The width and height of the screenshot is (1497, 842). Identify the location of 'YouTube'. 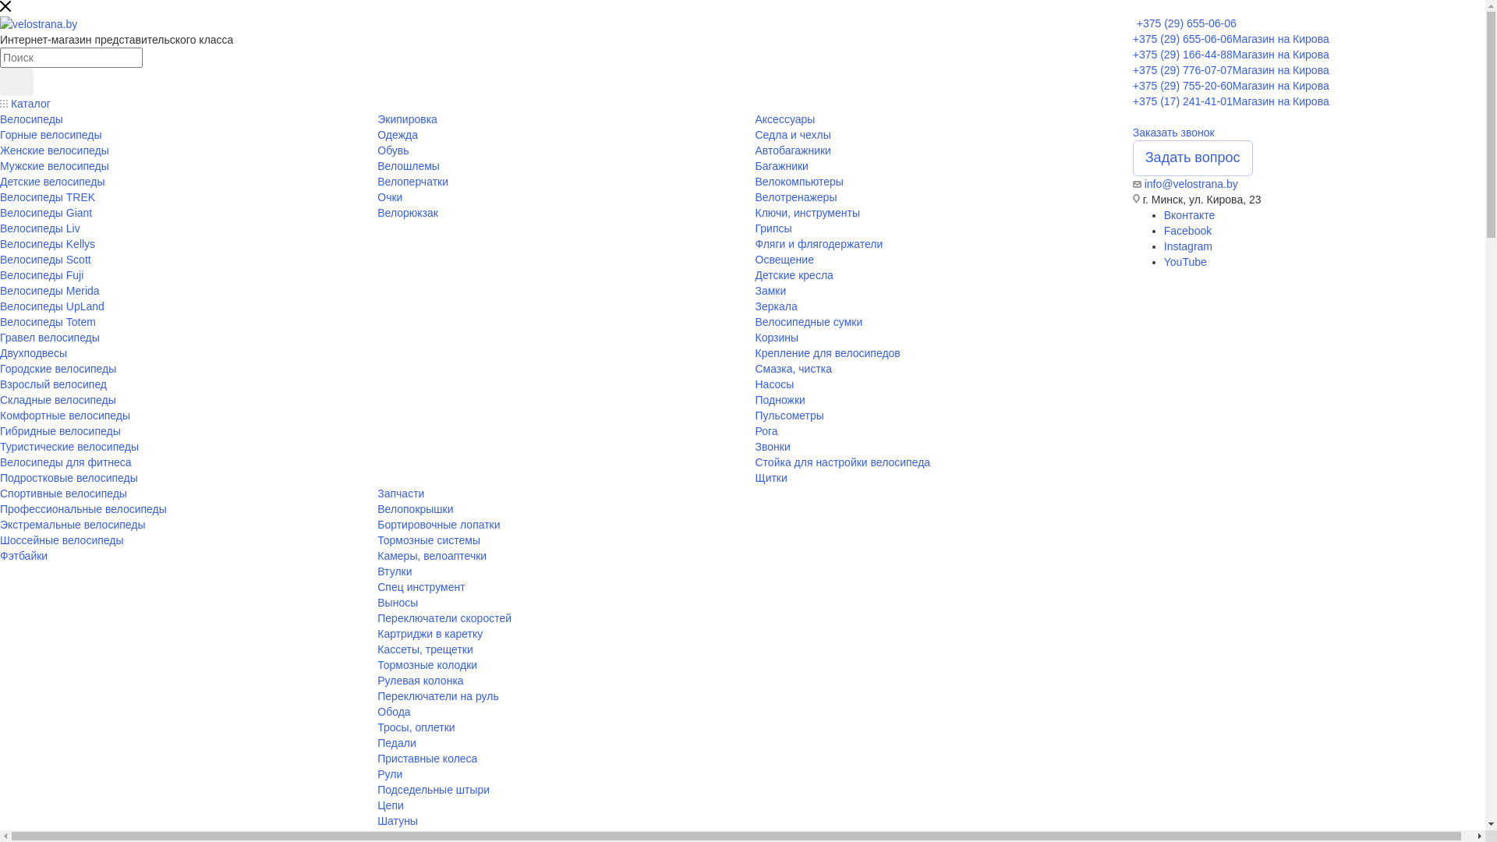
(1185, 260).